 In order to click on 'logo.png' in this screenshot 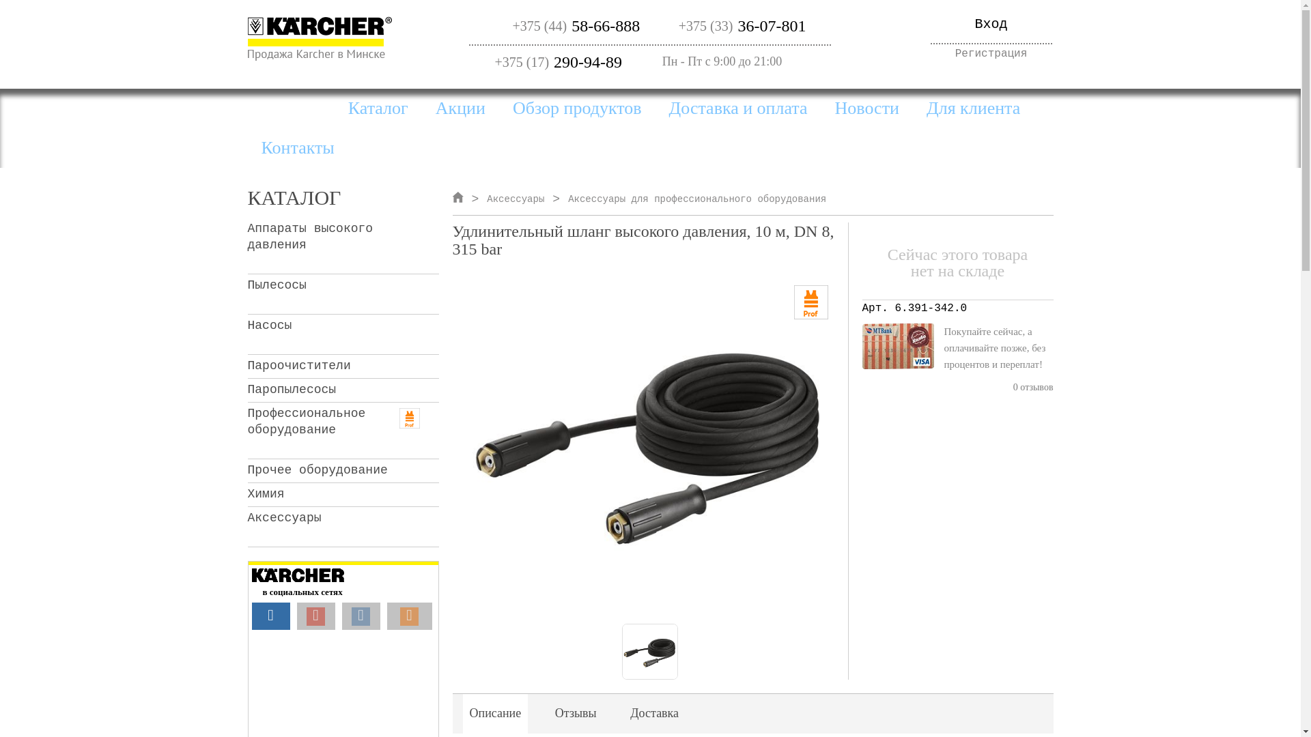, I will do `click(318, 38)`.